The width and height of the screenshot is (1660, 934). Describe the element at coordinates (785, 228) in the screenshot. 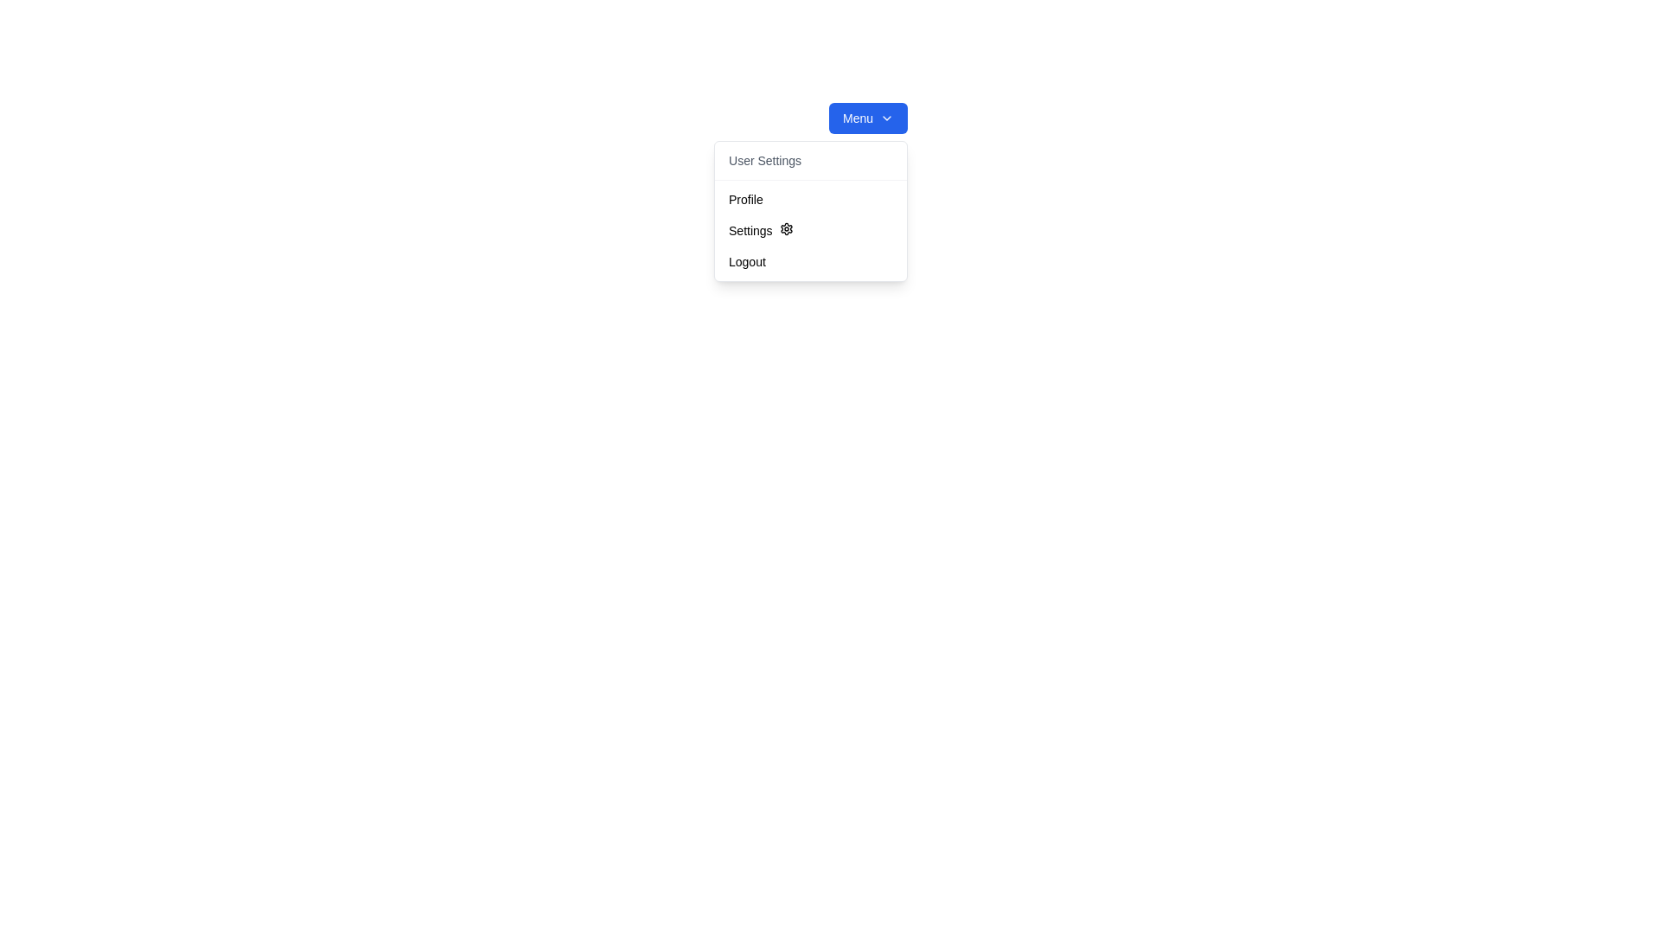

I see `the settings icon located immediately to the right of the 'Settings' text in the dropdown menu` at that location.